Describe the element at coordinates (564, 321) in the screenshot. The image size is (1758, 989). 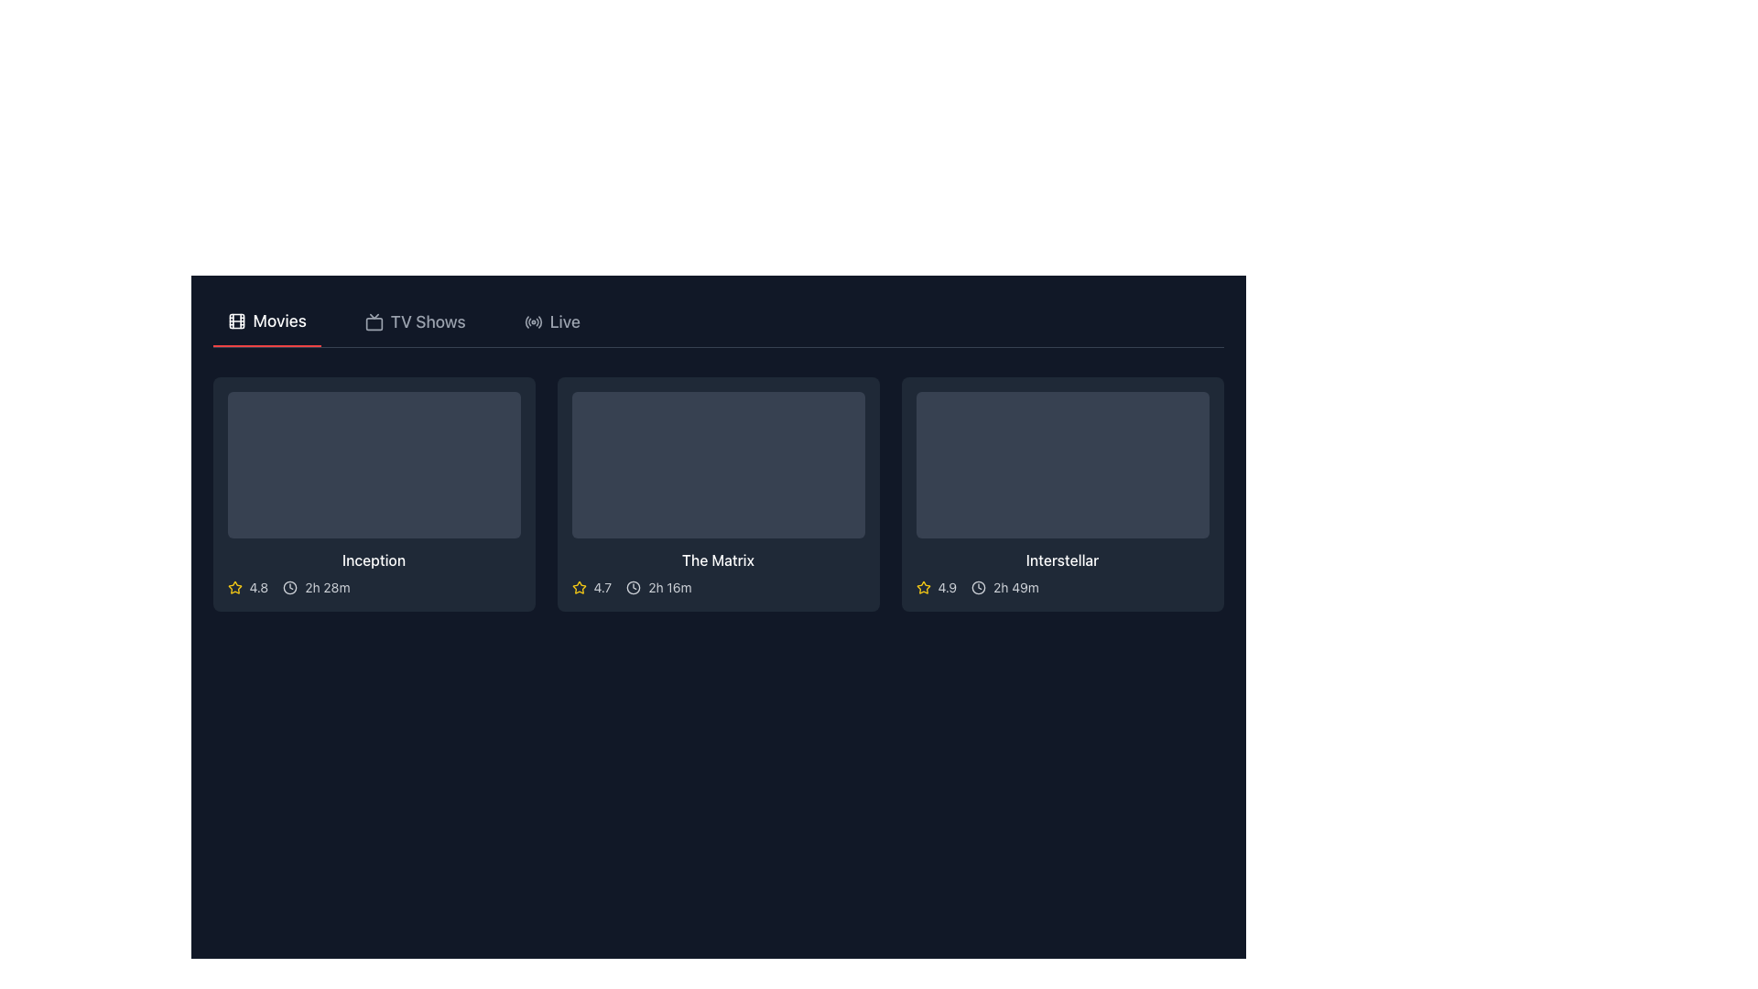
I see `the 'Live' text label located in the upper navigation segment of the interface, positioned to the right of the 'TV Shows' section, to potentially reveal tooltip or effects` at that location.